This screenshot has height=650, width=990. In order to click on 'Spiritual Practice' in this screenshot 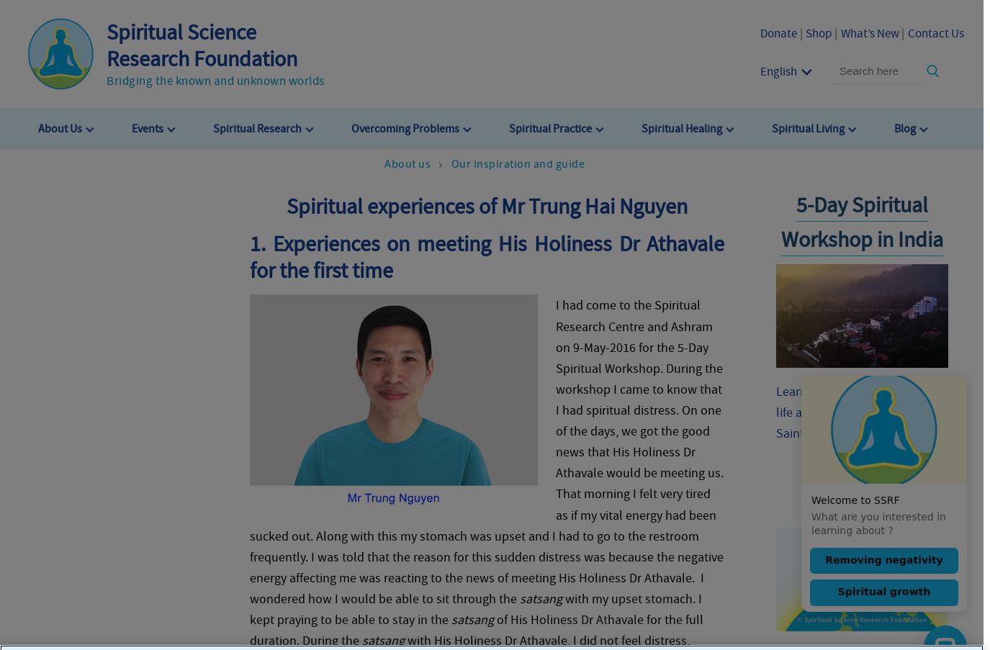, I will do `click(550, 127)`.